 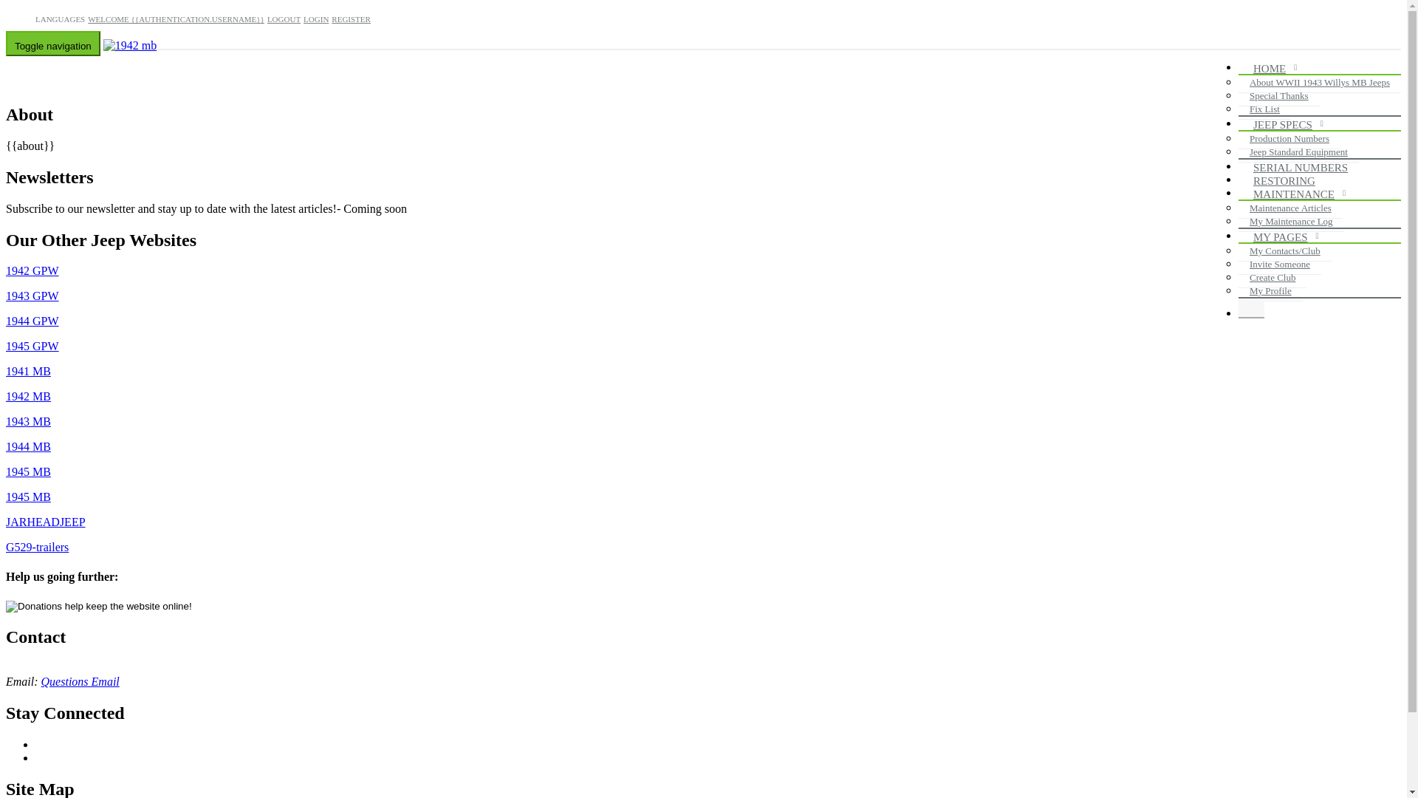 What do you see at coordinates (28, 370) in the screenshot?
I see `'1941 MB'` at bounding box center [28, 370].